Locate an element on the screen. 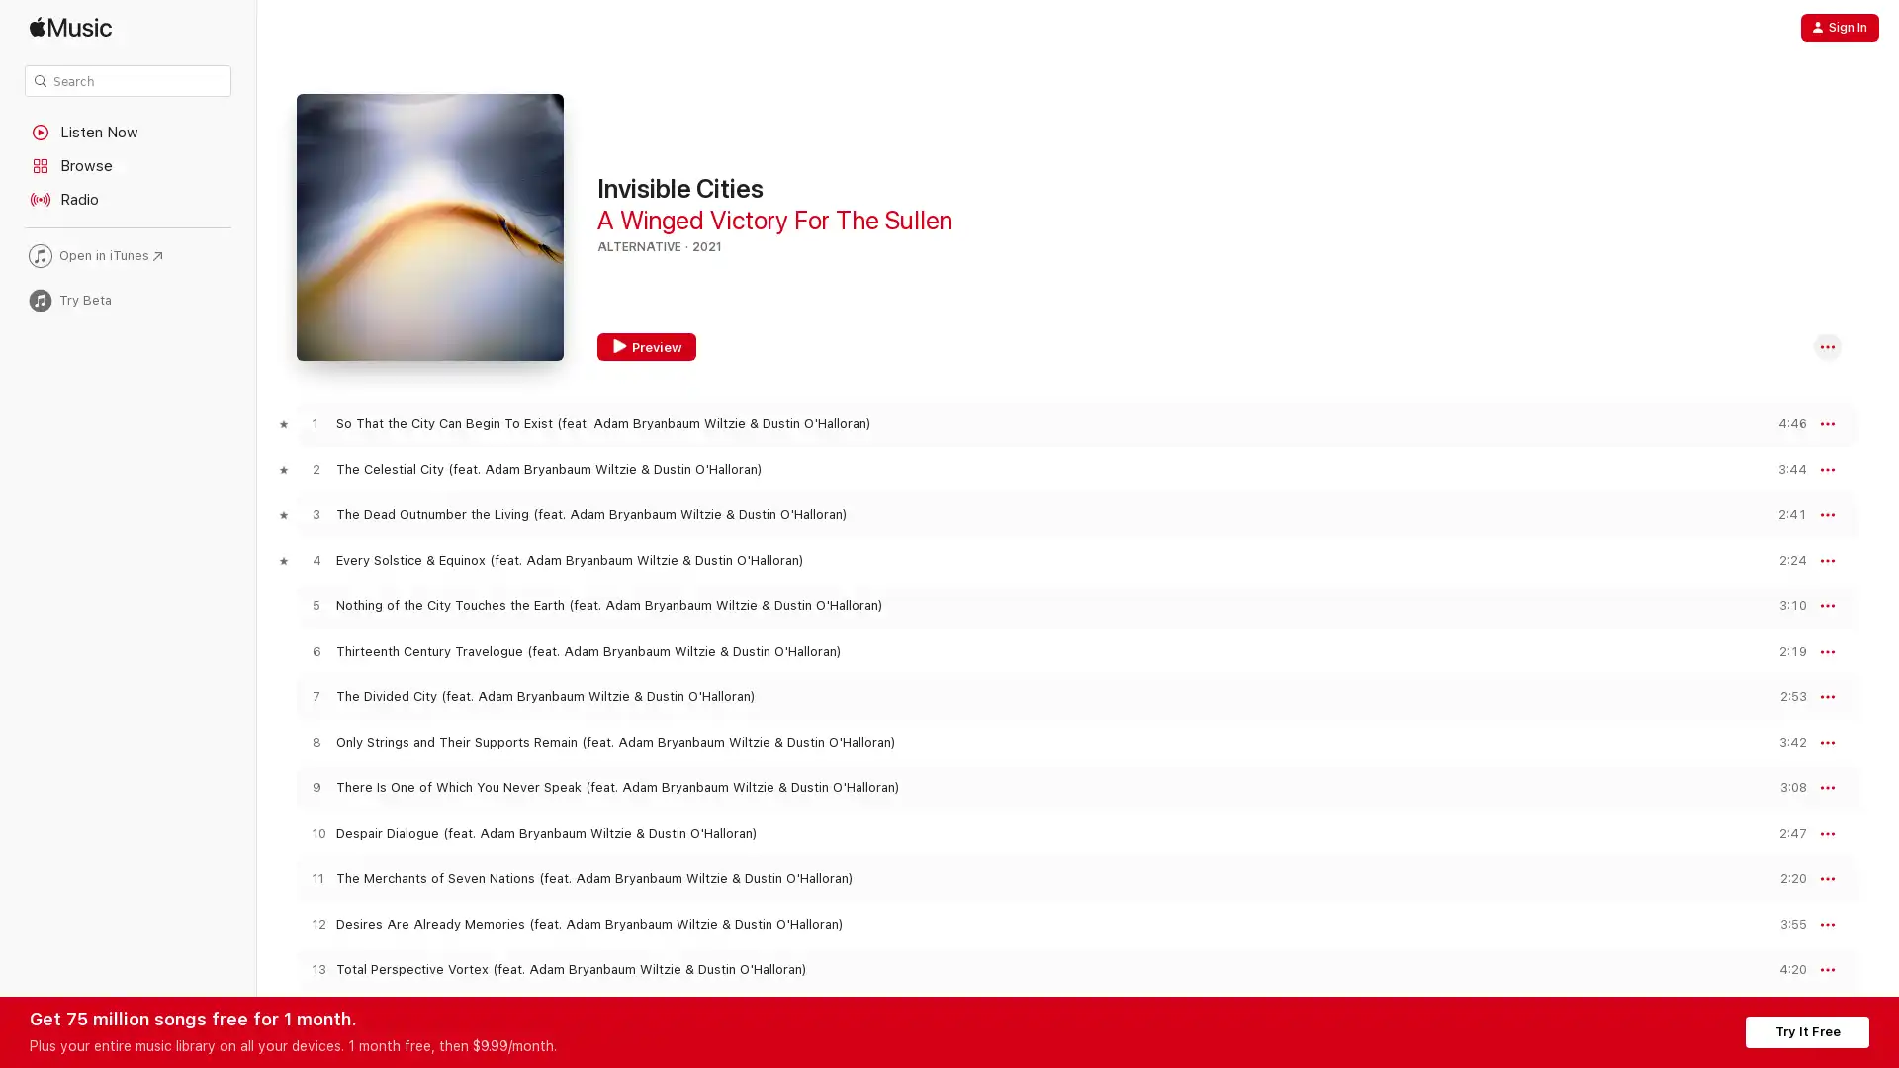  More is located at coordinates (1827, 346).